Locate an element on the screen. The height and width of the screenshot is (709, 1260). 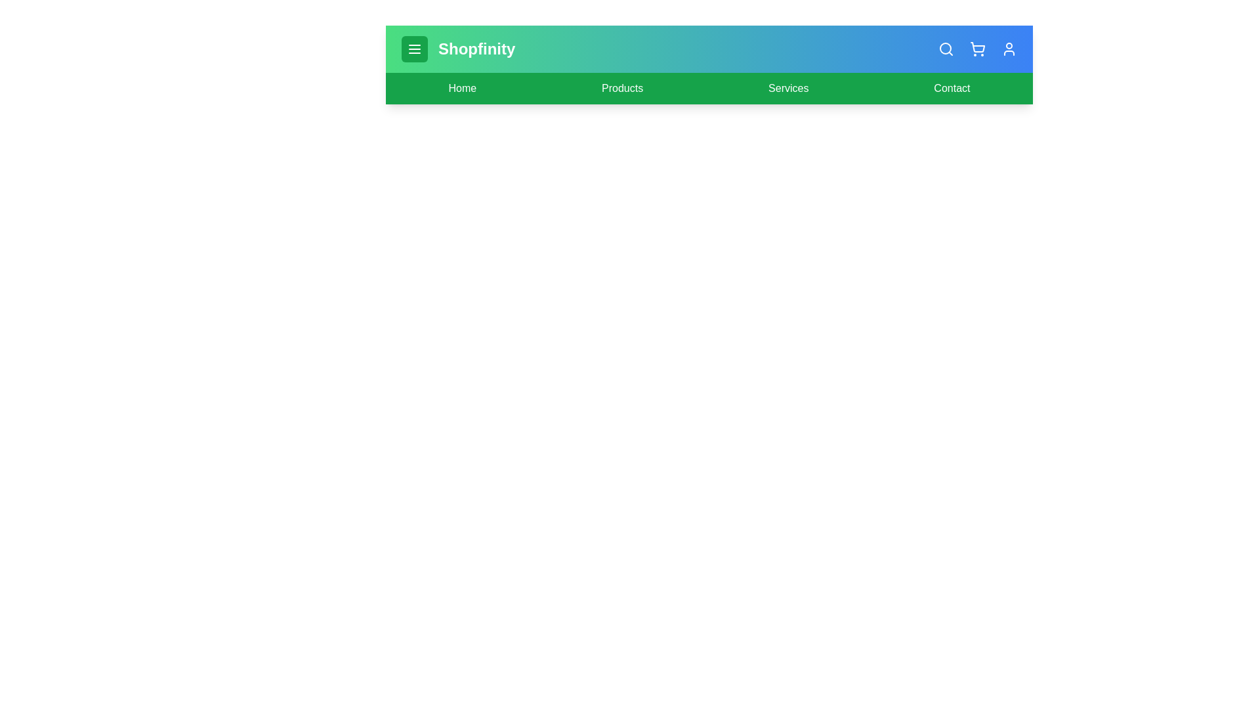
the 'Products' link to navigate to the Products page is located at coordinates (621, 89).